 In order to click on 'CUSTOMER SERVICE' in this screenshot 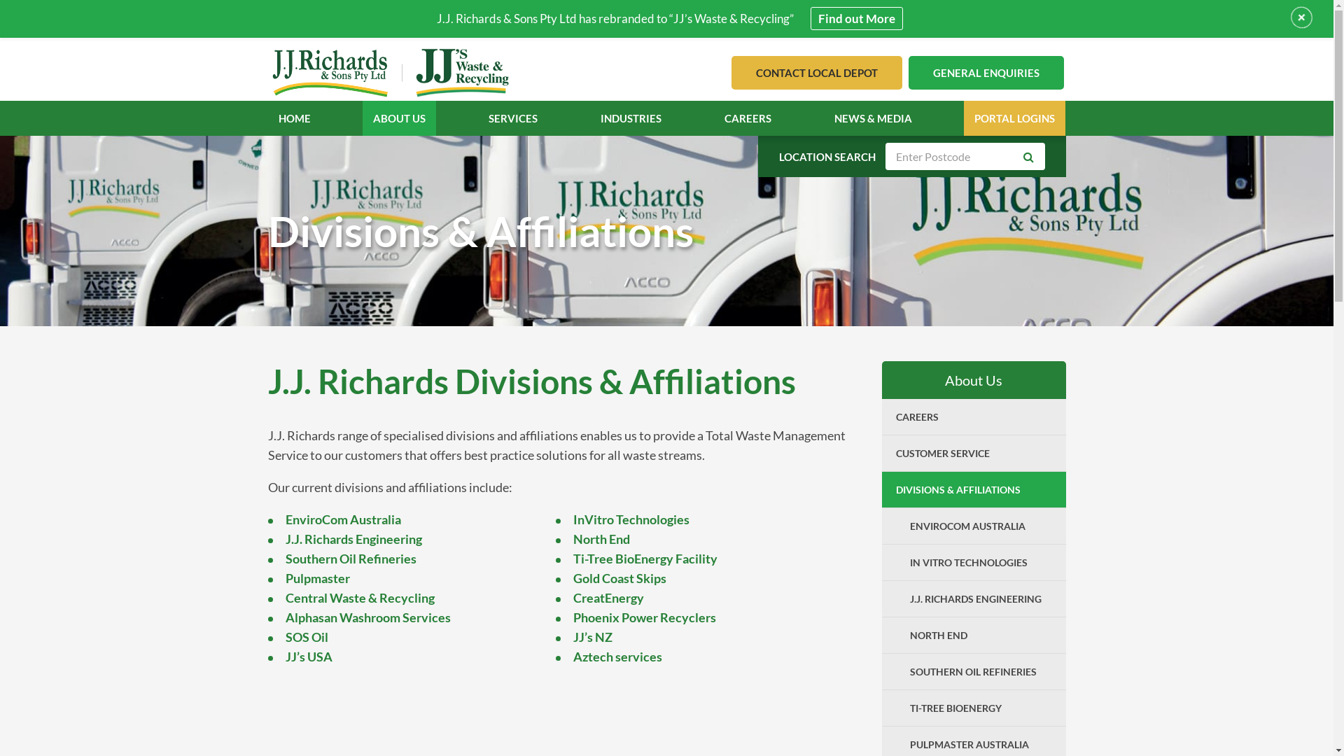, I will do `click(973, 453)`.